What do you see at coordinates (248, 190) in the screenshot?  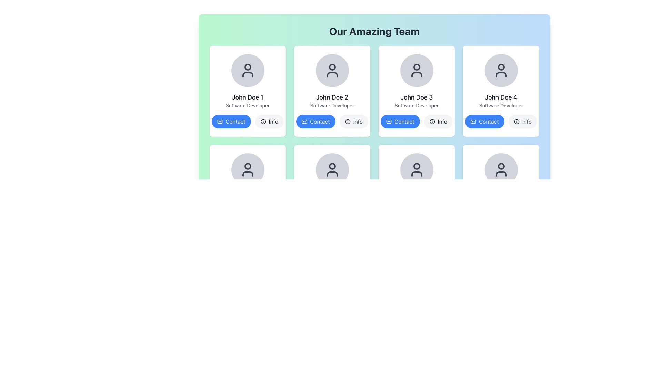 I see `the fifth team member profile card located in the first column of the second row for more information` at bounding box center [248, 190].